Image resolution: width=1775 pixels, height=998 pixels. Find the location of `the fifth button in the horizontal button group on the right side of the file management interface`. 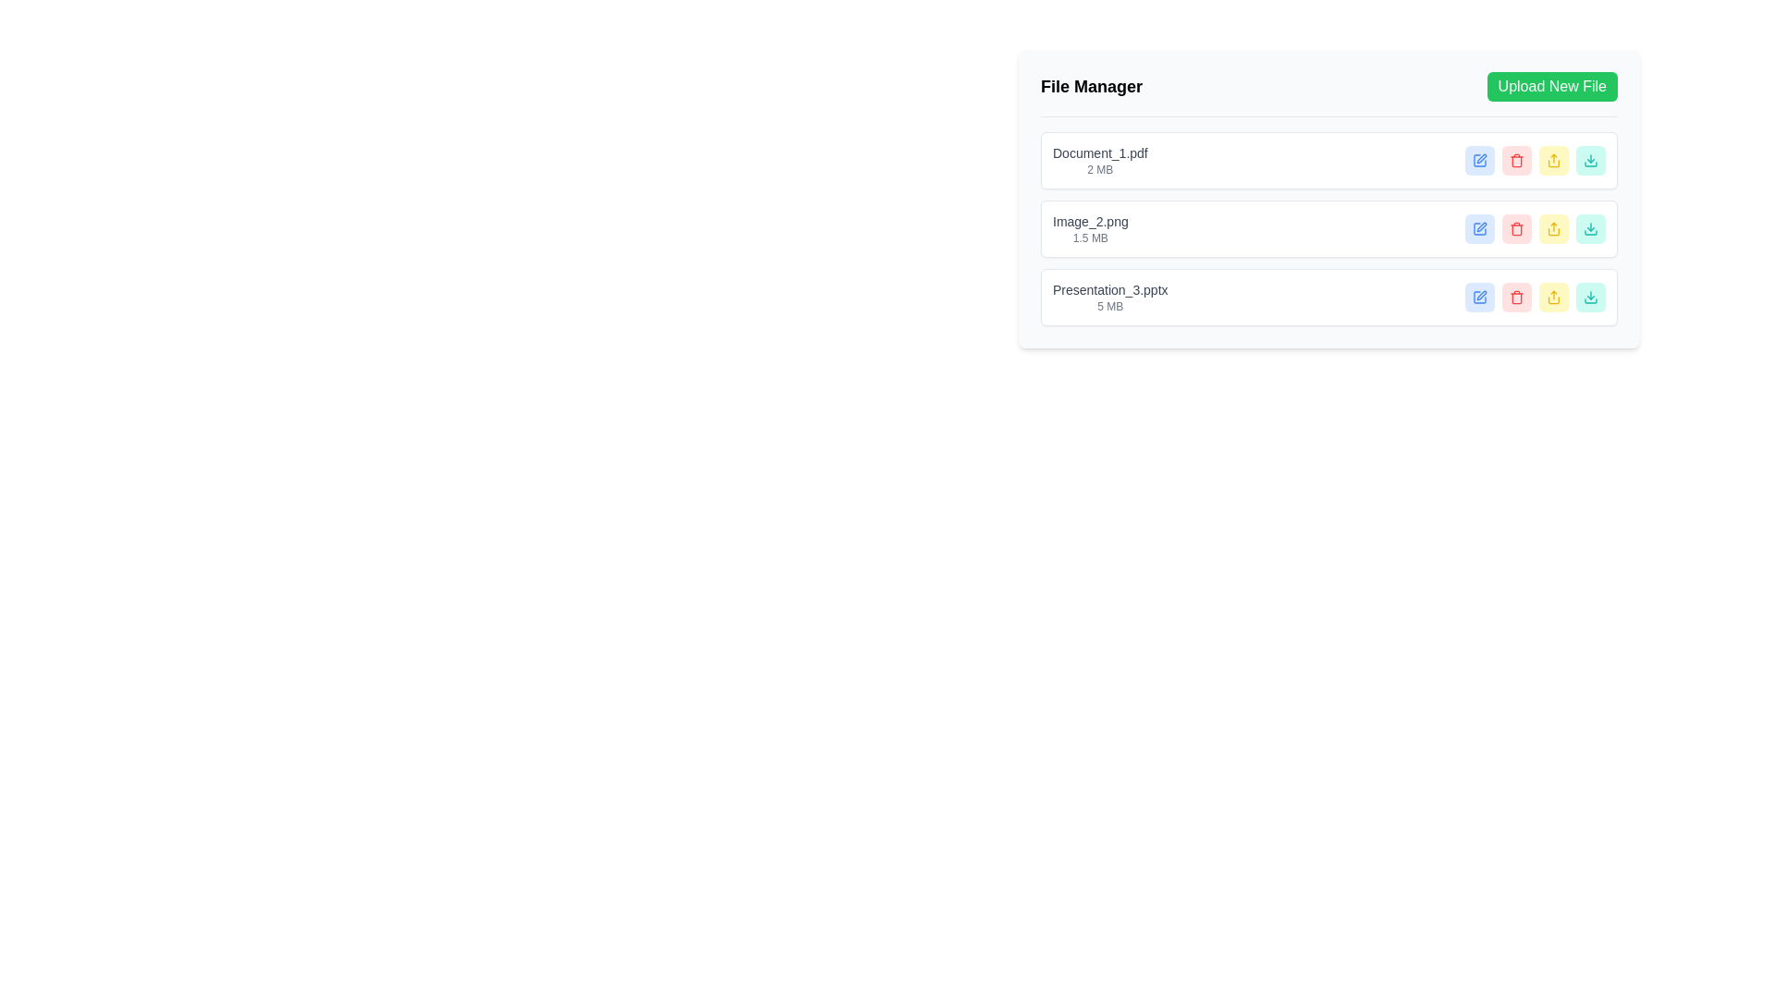

the fifth button in the horizontal button group on the right side of the file management interface is located at coordinates (1553, 296).